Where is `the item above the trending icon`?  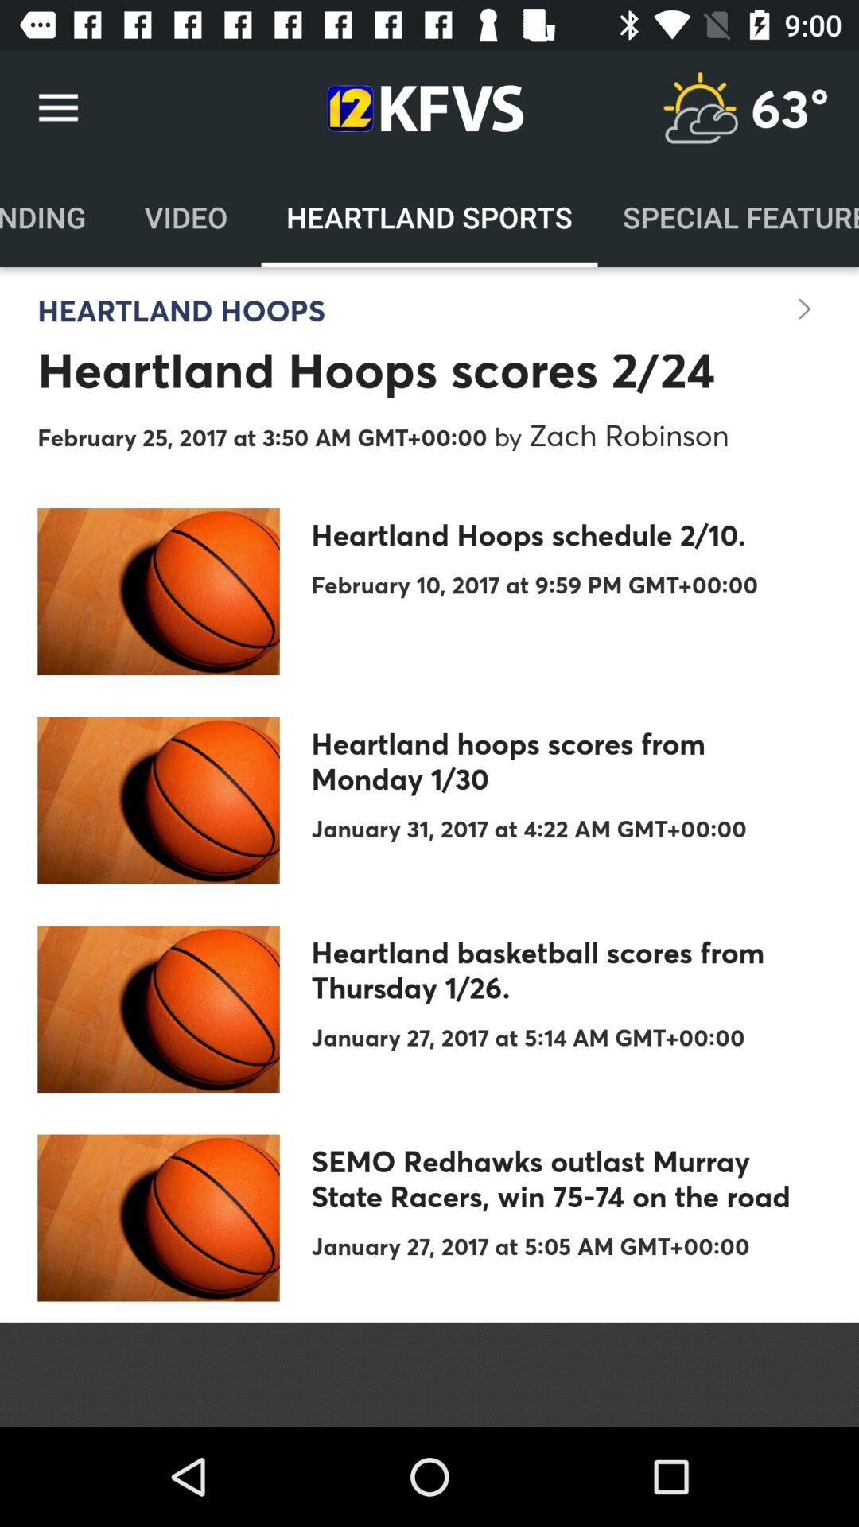 the item above the trending icon is located at coordinates (57, 107).